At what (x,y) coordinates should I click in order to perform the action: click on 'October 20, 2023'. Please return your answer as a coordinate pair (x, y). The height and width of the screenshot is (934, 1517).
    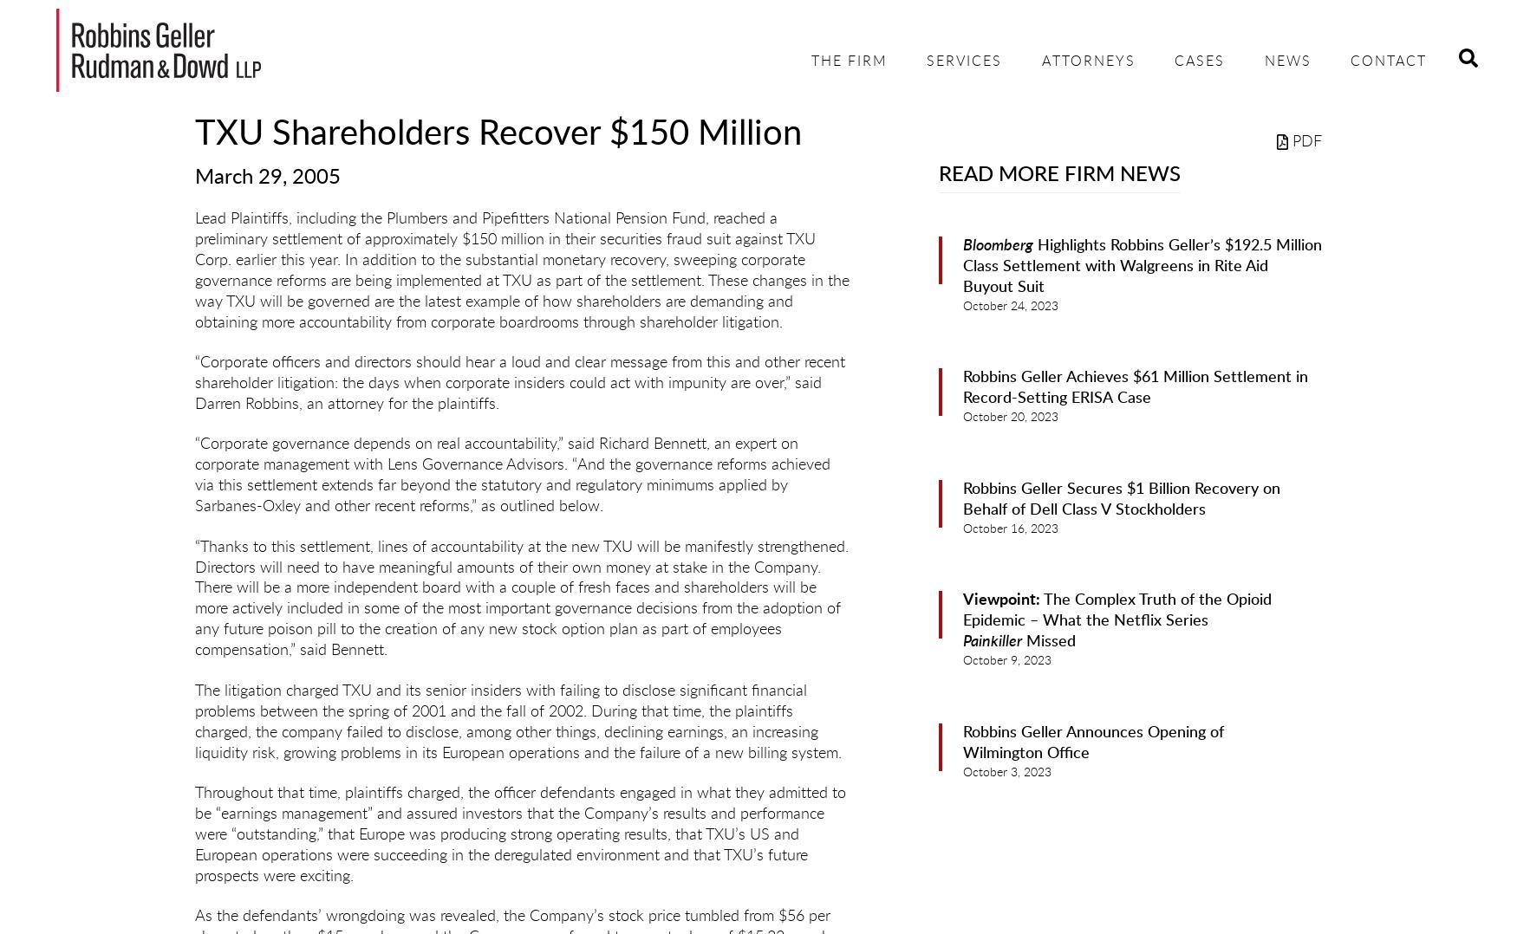
    Looking at the image, I should click on (1010, 416).